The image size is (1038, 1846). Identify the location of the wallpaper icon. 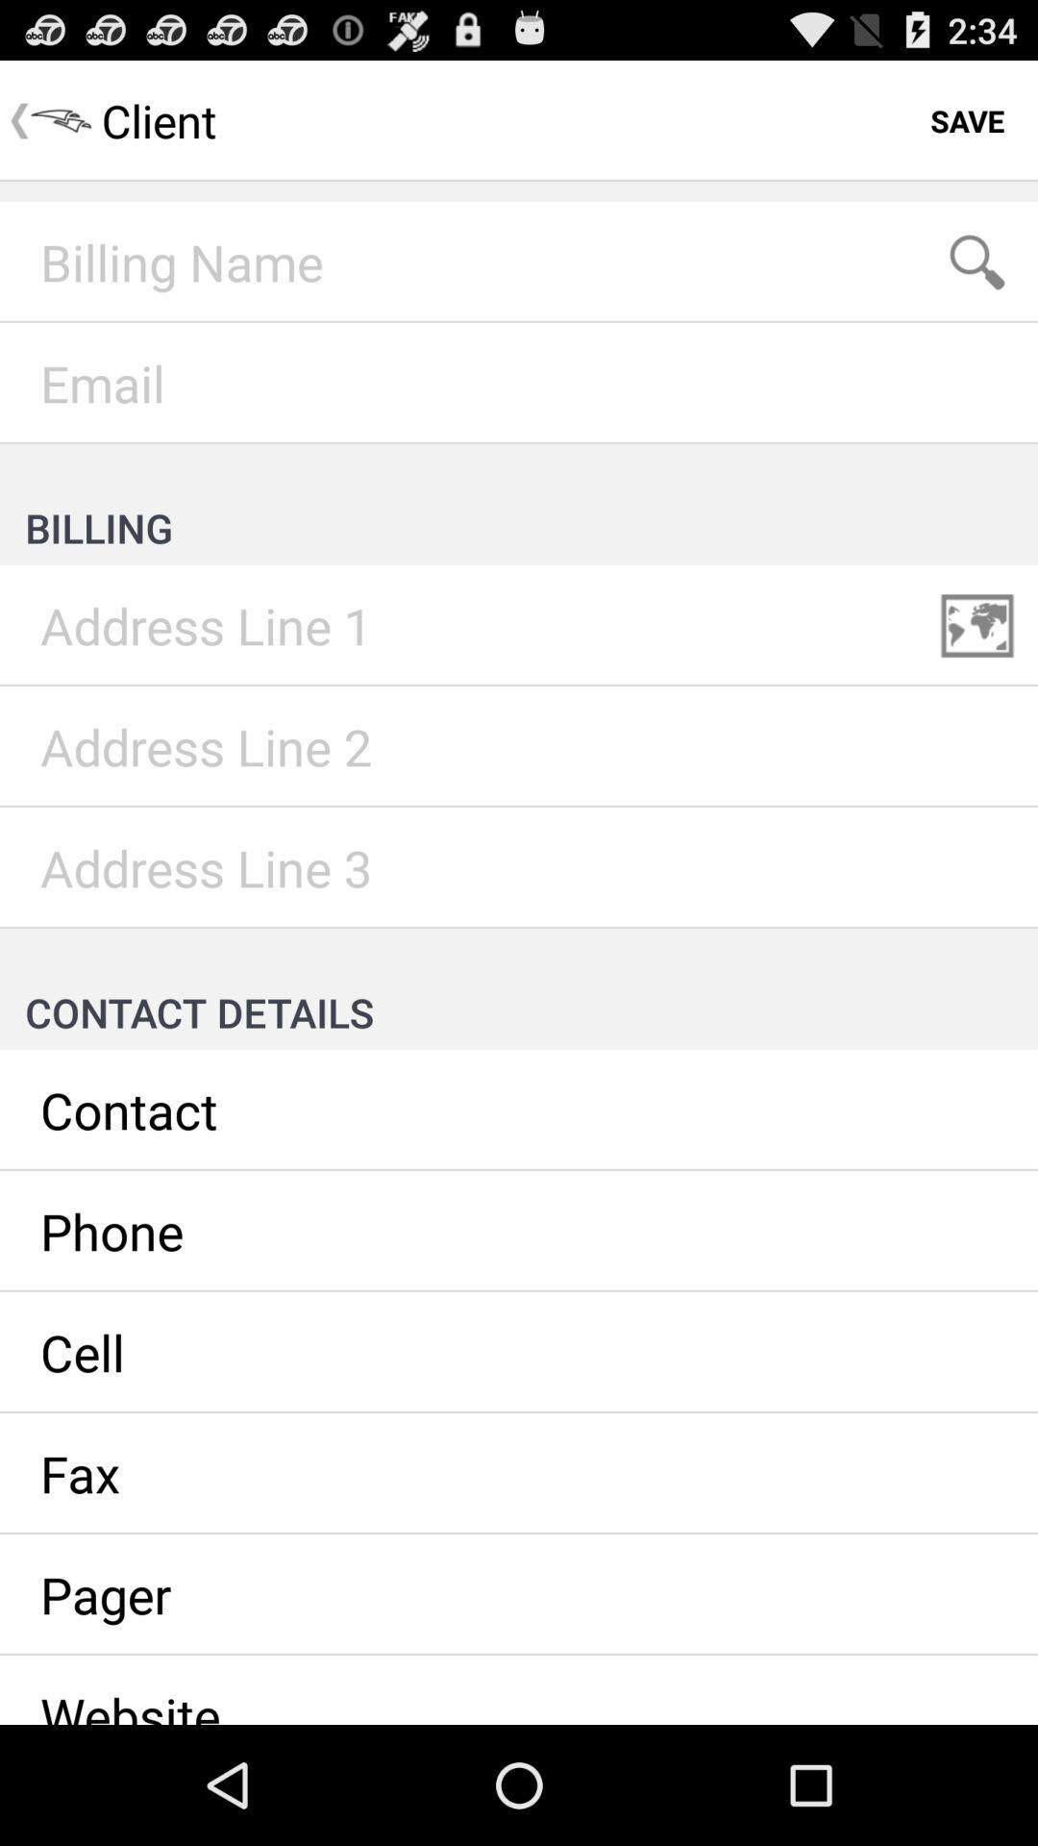
(977, 669).